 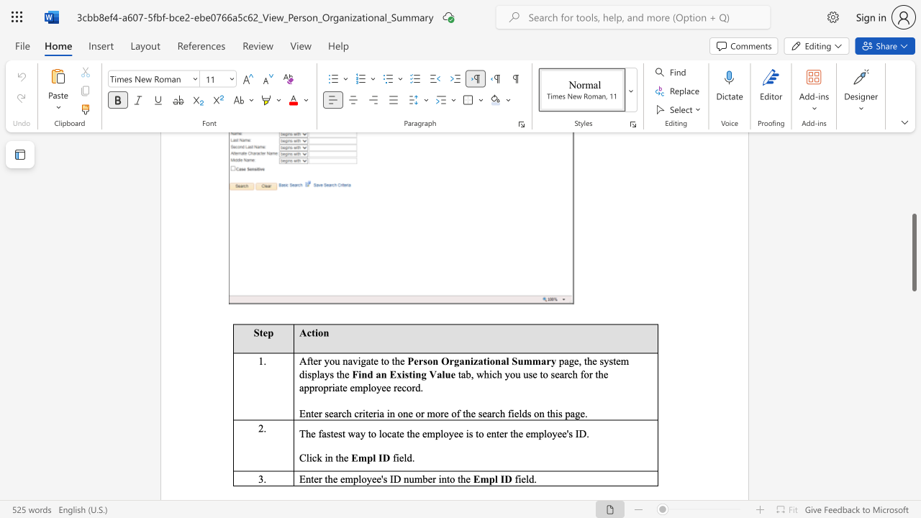 What do you see at coordinates (376, 360) in the screenshot?
I see `the 2th character "e" in the text` at bounding box center [376, 360].